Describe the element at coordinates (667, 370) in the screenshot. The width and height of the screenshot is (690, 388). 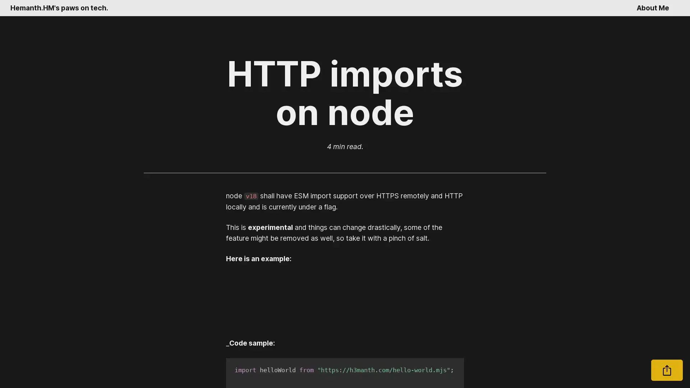
I see `Share` at that location.